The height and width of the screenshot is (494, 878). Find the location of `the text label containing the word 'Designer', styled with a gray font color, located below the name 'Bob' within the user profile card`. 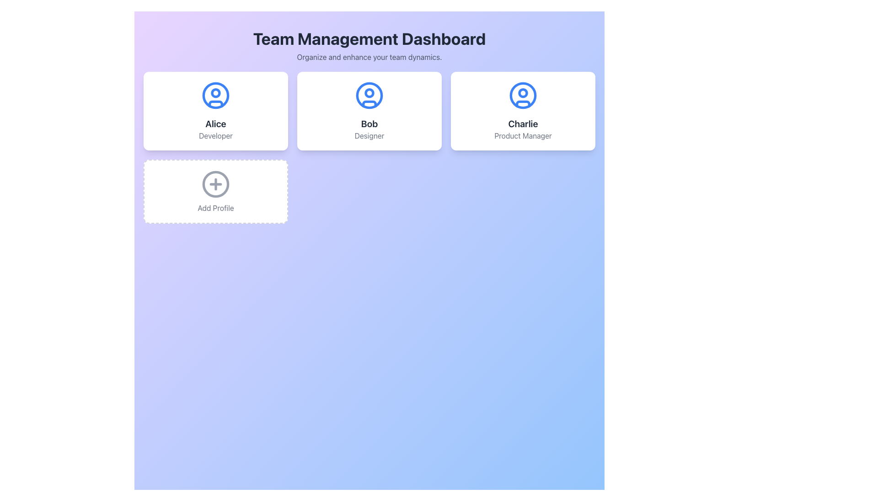

the text label containing the word 'Designer', styled with a gray font color, located below the name 'Bob' within the user profile card is located at coordinates (369, 136).